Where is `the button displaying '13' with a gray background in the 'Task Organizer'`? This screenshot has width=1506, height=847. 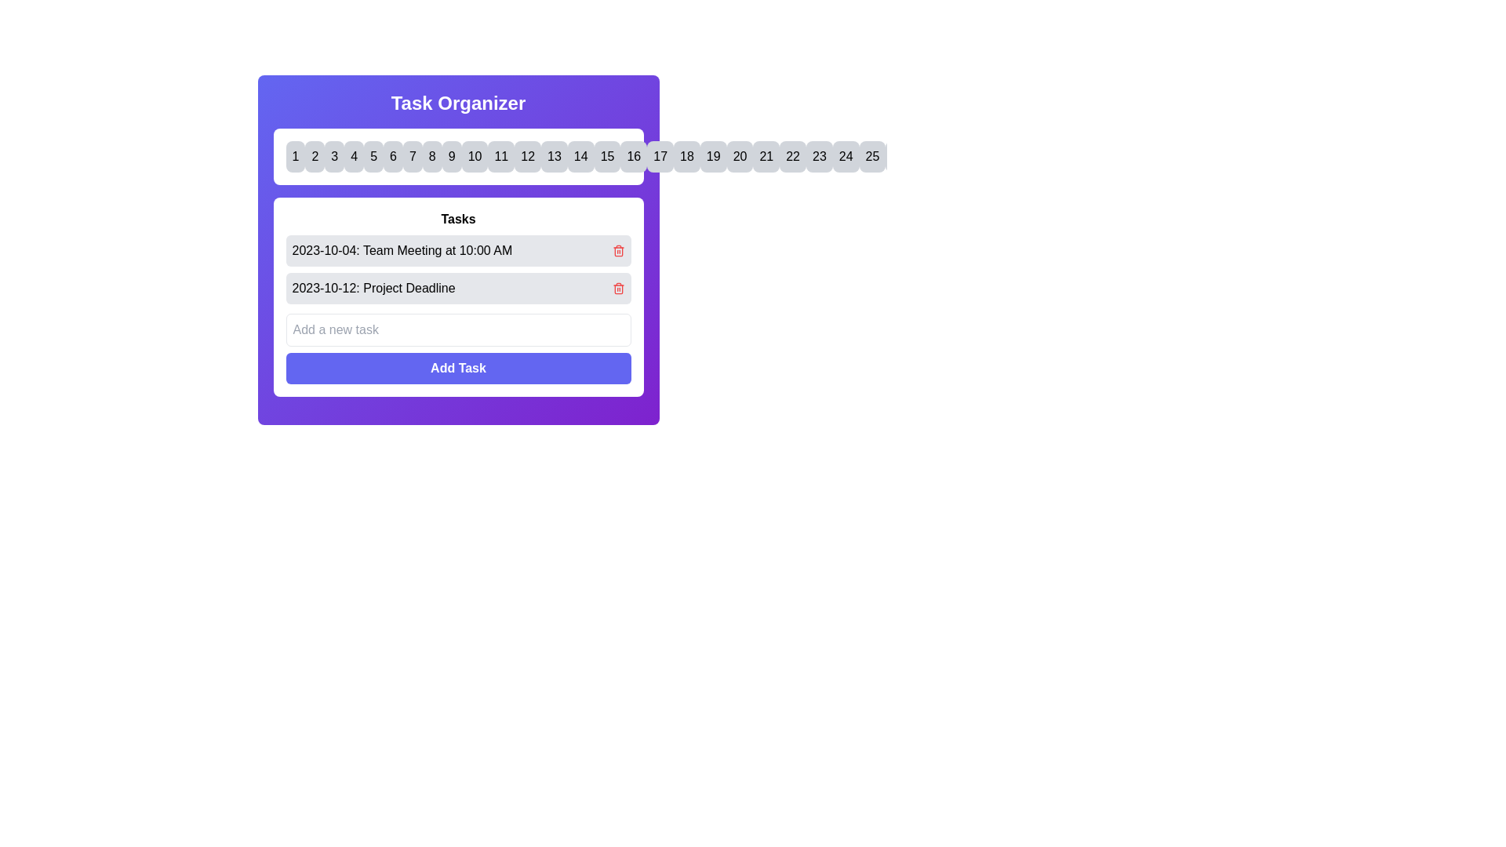 the button displaying '13' with a gray background in the 'Task Organizer' is located at coordinates (554, 157).